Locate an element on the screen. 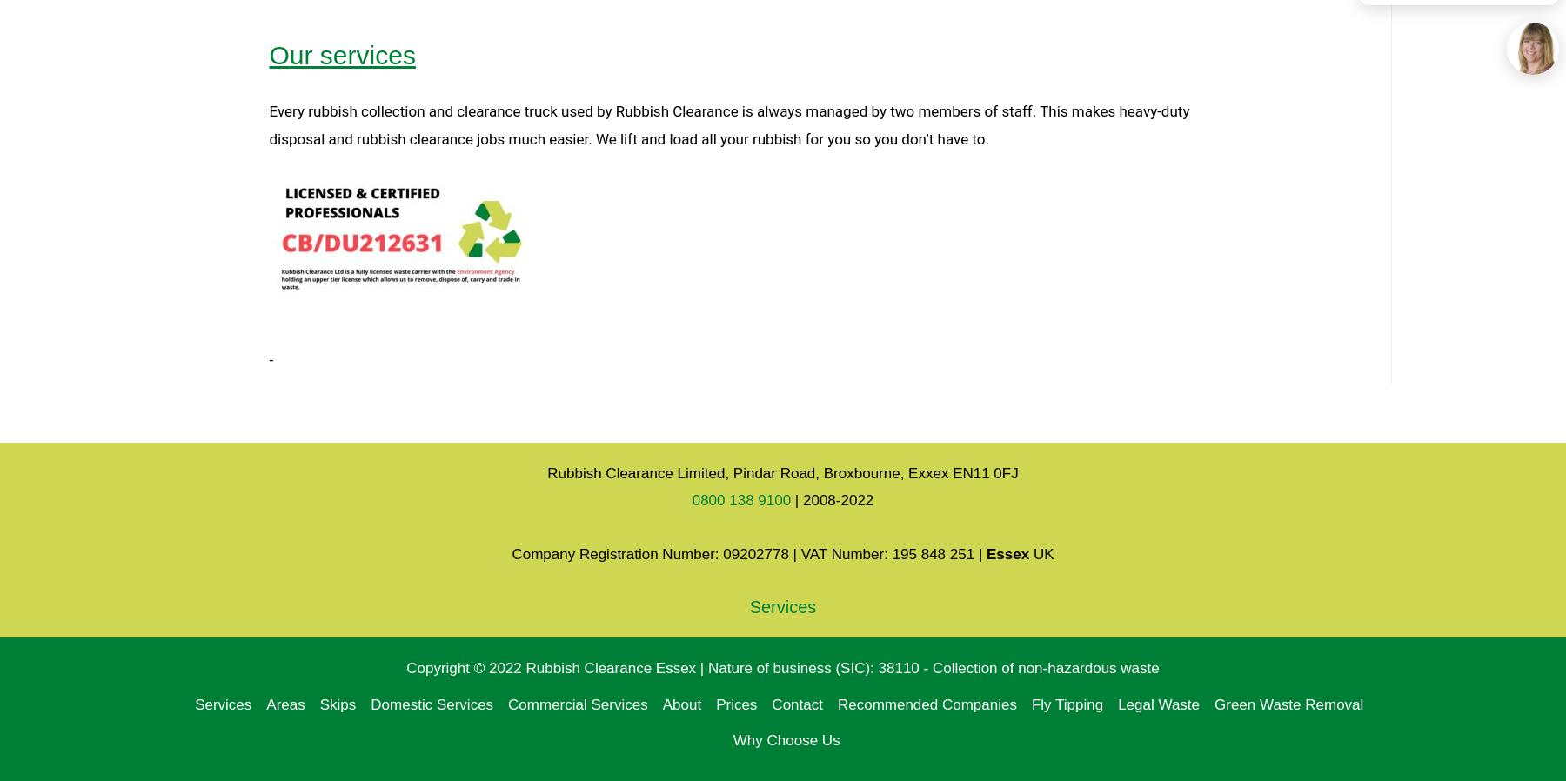 Image resolution: width=1566 pixels, height=781 pixels. 'Commercial Services' is located at coordinates (578, 704).